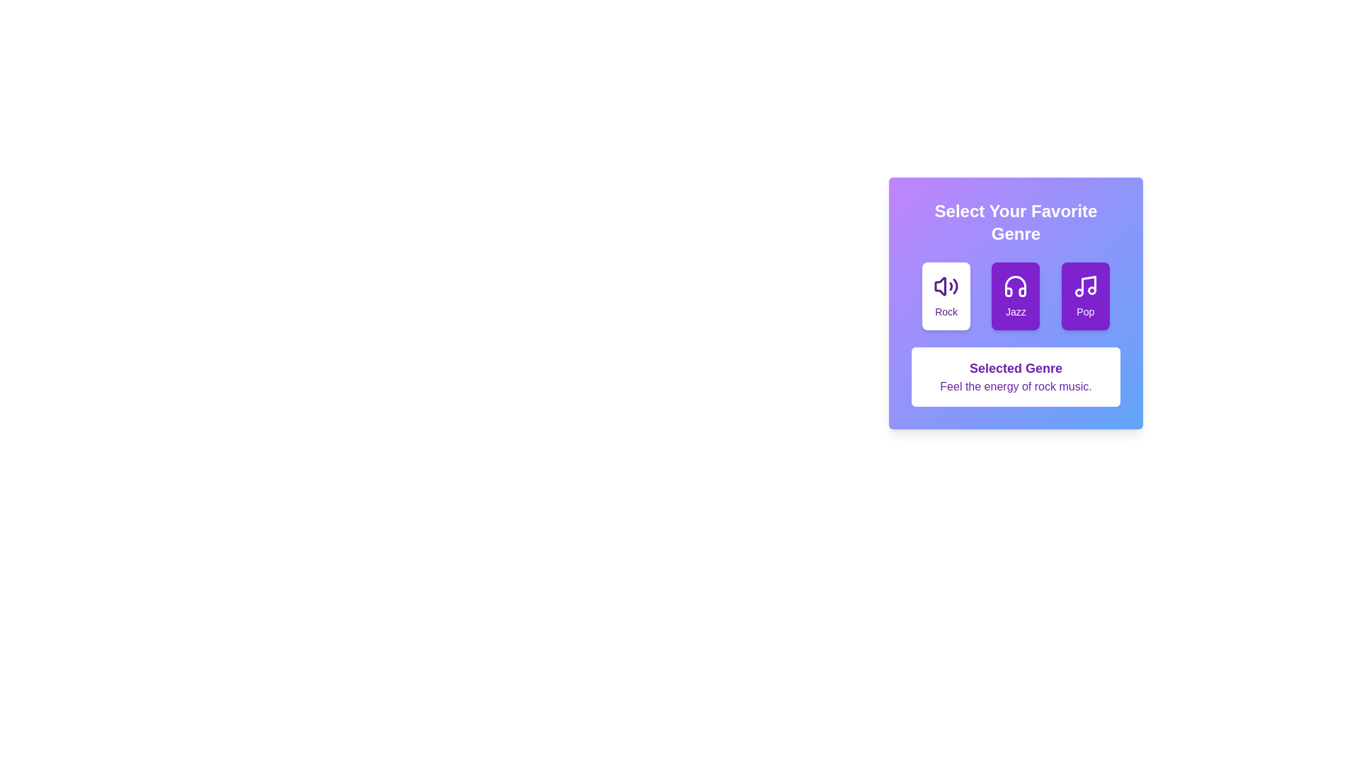 The height and width of the screenshot is (764, 1359). Describe the element at coordinates (1084, 296) in the screenshot. I see `the music genre by clicking on the button labeled Pop` at that location.